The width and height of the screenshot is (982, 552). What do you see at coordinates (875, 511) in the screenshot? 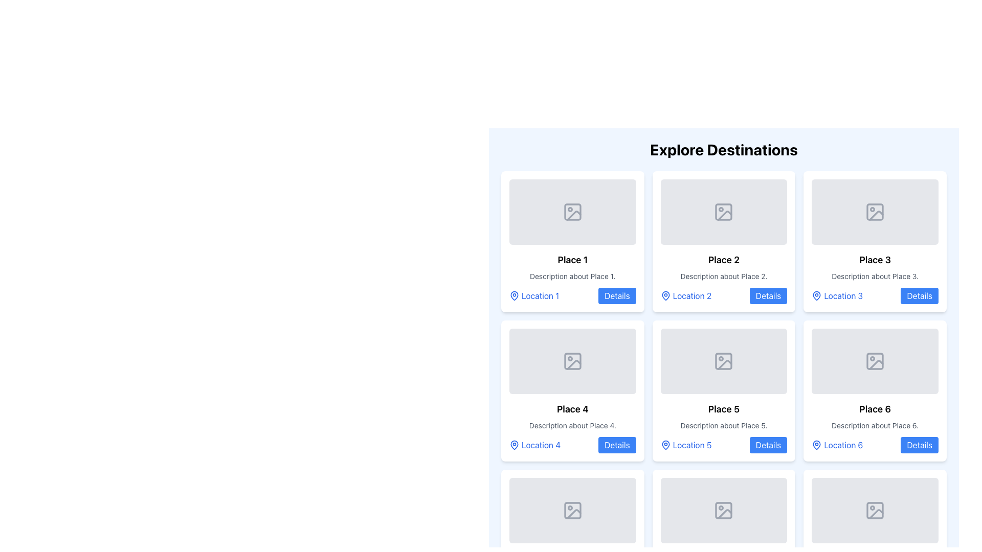
I see `the SVG rectangular element with rounded corners that serves as a decorative part of an image icon, located in the rightmost card of the third row in a grid layout` at bounding box center [875, 511].